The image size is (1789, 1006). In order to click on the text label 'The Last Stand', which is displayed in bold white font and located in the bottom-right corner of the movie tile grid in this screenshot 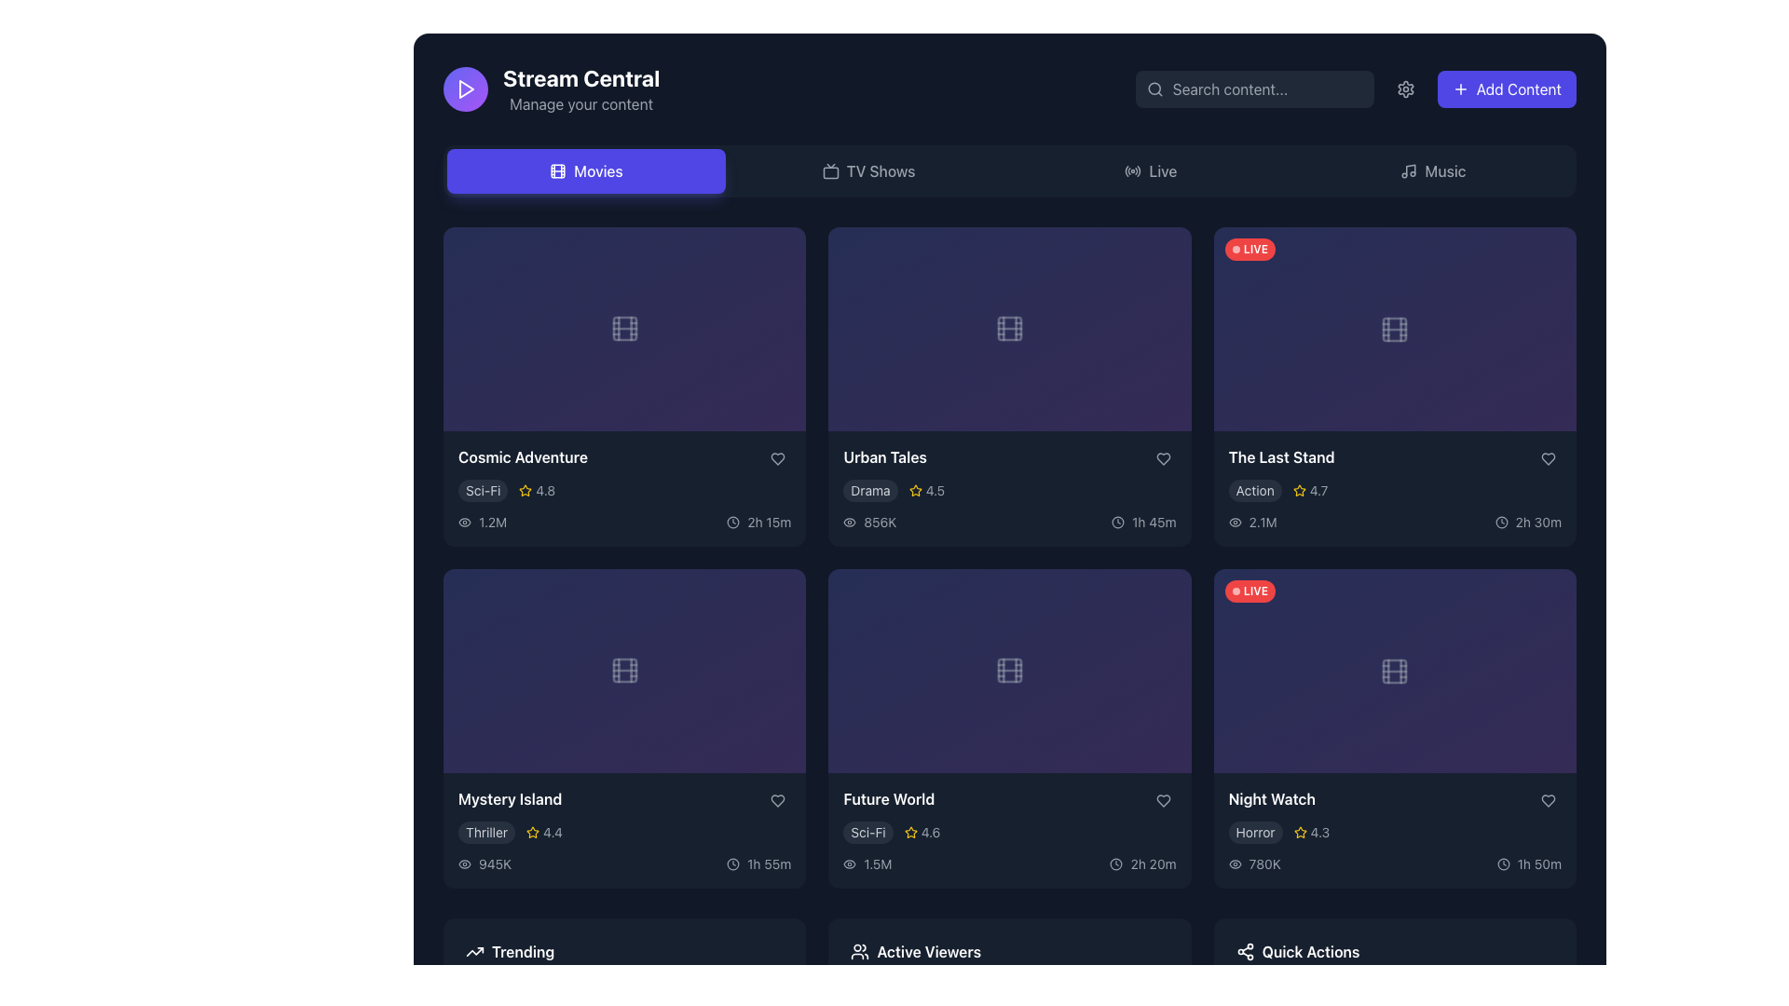, I will do `click(1280, 456)`.